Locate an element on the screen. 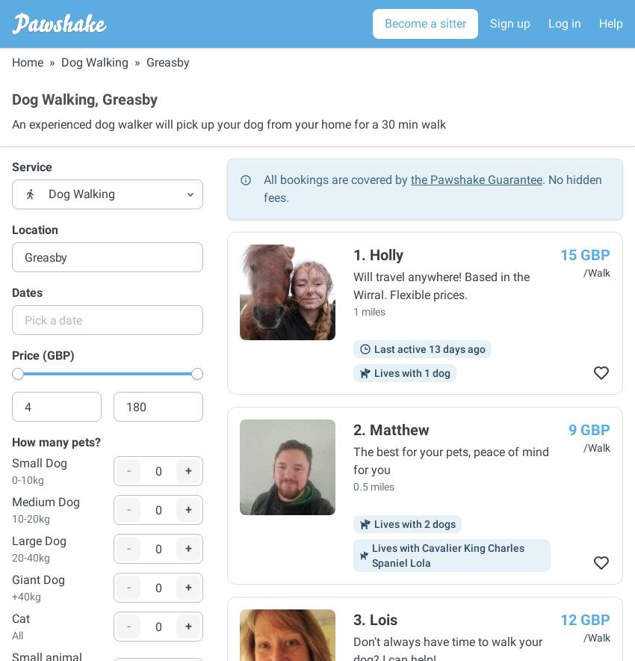 The height and width of the screenshot is (661, 635). '10-20kg' is located at coordinates (30, 519).